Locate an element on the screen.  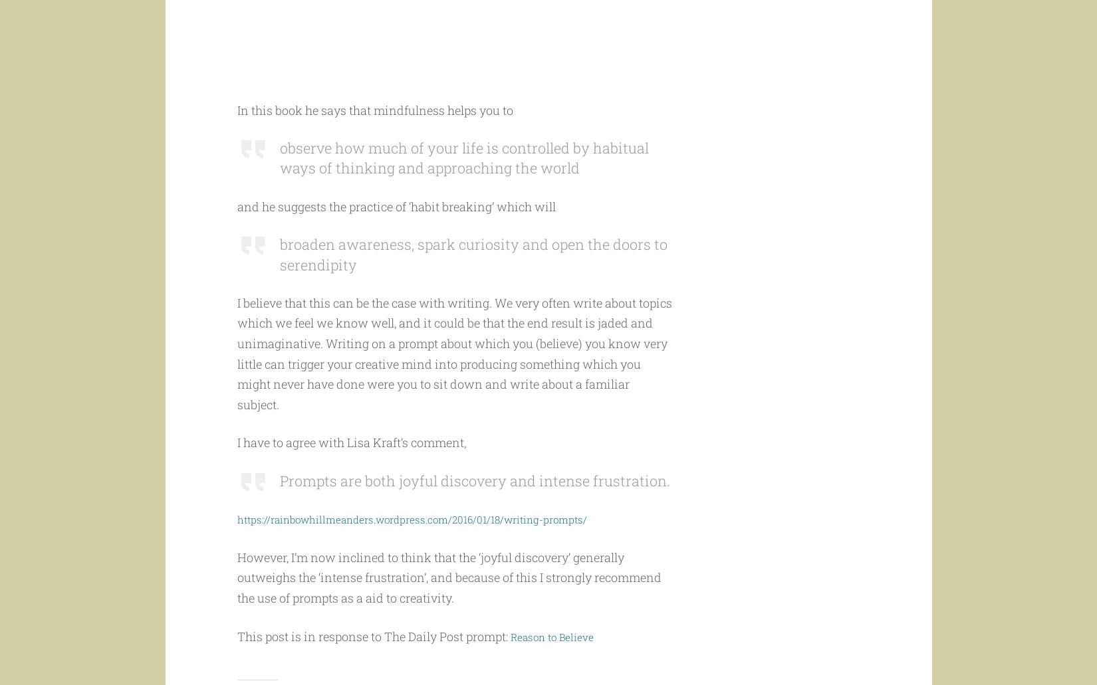
'I believe that this can be the case with writing. We very often write about topics which we feel we know well, and it could be that the end result is jaded and unimaginative. Writing on a prompt about which you (believe) you know very little can trigger your creative mind into producing something which you might never have done were you to sit down and write about a familiar subject.' is located at coordinates (453, 378).